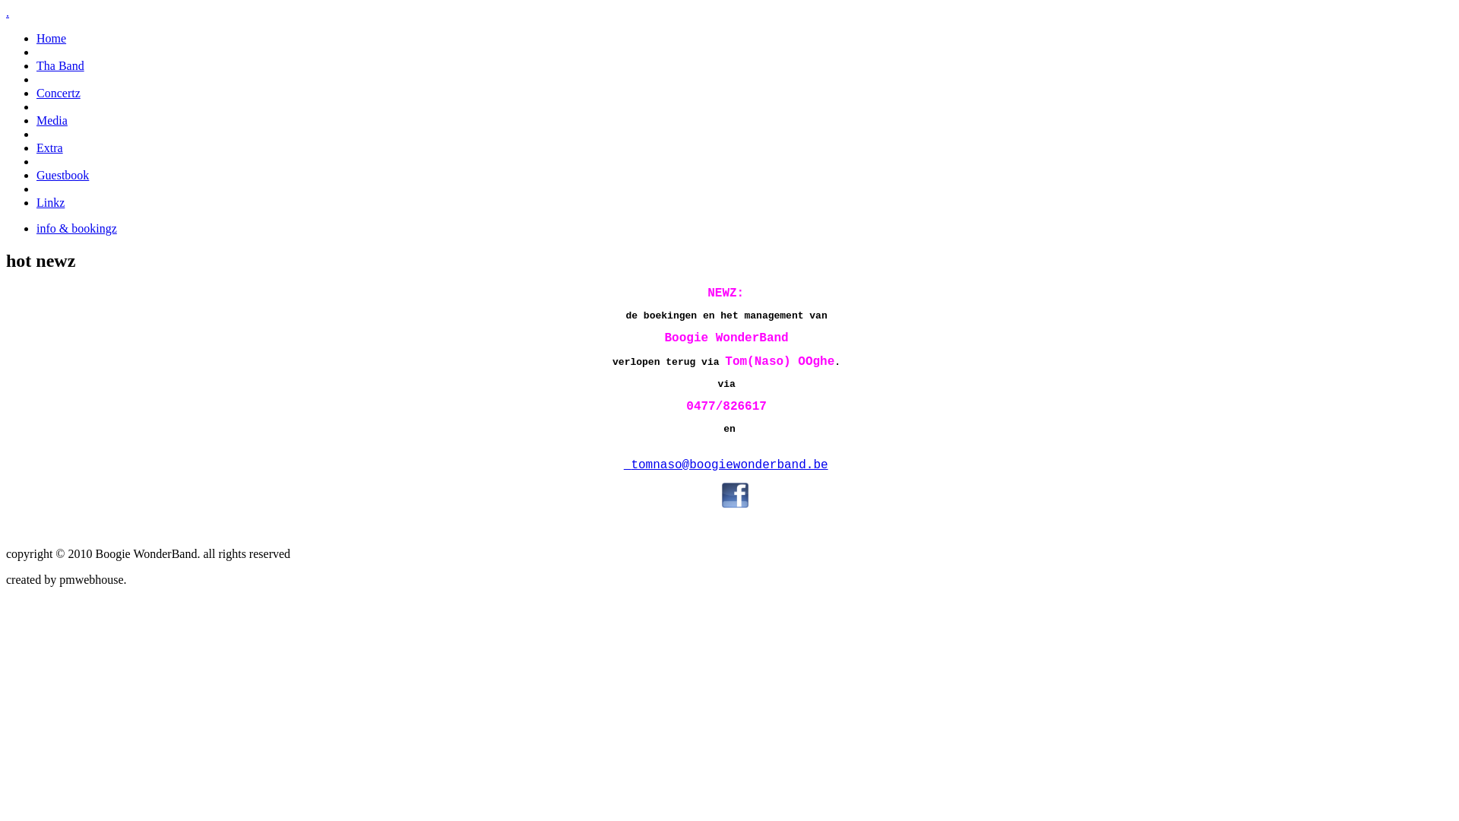 The image size is (1459, 821). Describe the element at coordinates (36, 201) in the screenshot. I see `'Linkz'` at that location.